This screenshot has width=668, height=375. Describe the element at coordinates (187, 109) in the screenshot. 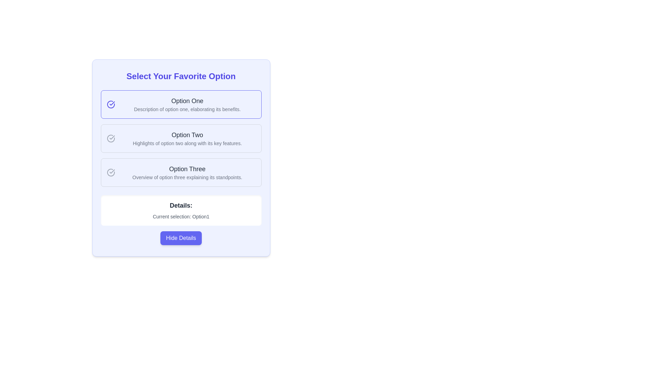

I see `the text component displaying 'Description of option one, elaborating its benefits.' which is located under the headline 'Option One'` at that location.